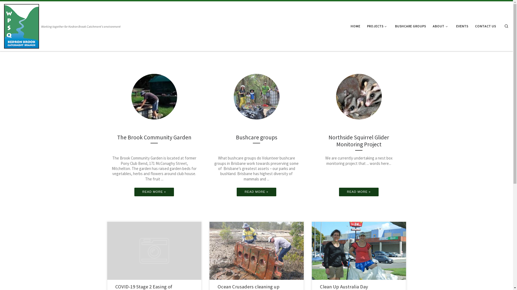 The image size is (517, 290). What do you see at coordinates (344, 286) in the screenshot?
I see `'Clean Up Australia Day'` at bounding box center [344, 286].